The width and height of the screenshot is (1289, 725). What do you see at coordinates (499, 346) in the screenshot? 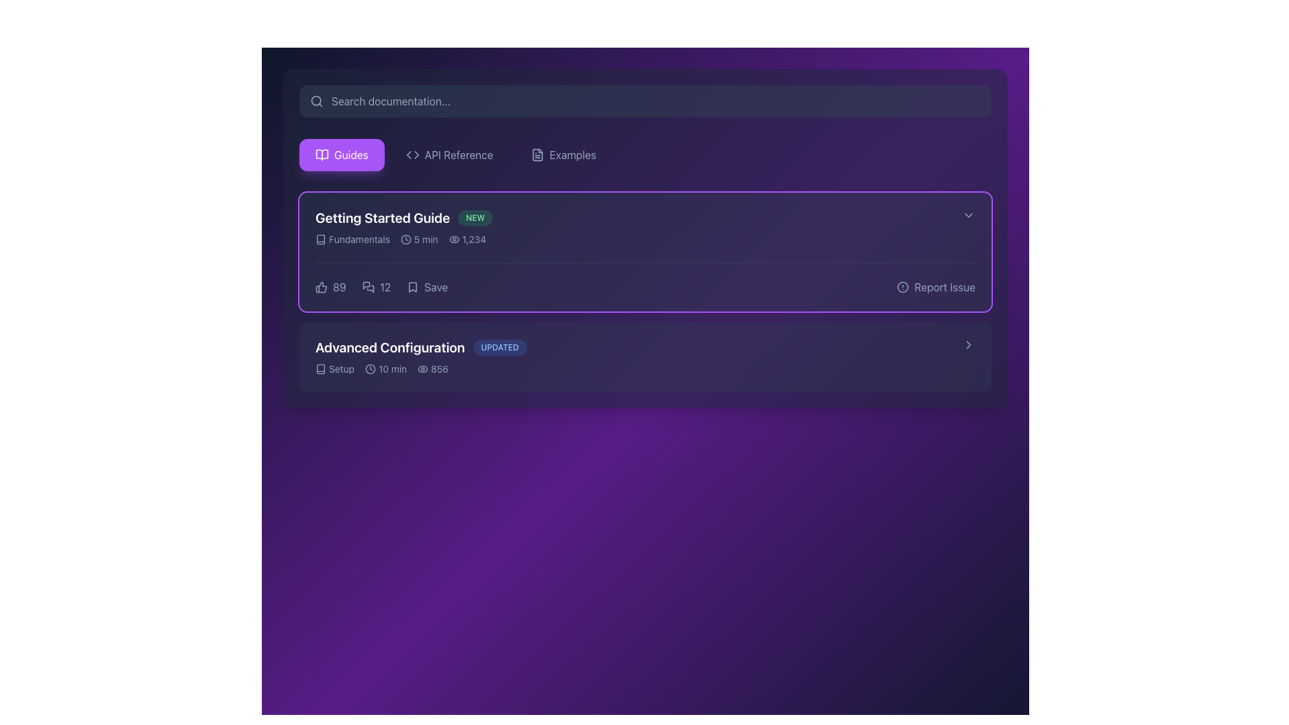
I see `the badge that displays the text 'UPDATED' in uppercase, styled in small text size, with a pill-shaped blue background, positioned to the right of 'Advanced Configuration'` at bounding box center [499, 346].